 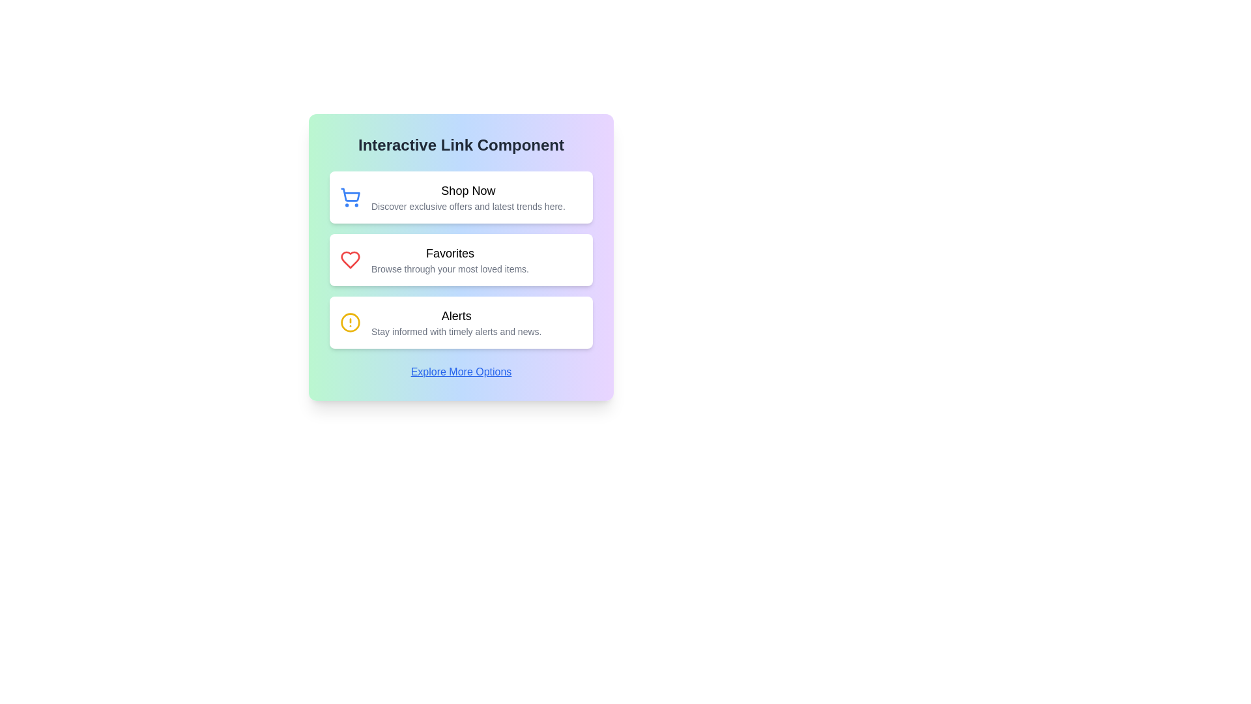 What do you see at coordinates (351, 195) in the screenshot?
I see `the shopping cart icon that visually represents the 'Shop Now' button` at bounding box center [351, 195].